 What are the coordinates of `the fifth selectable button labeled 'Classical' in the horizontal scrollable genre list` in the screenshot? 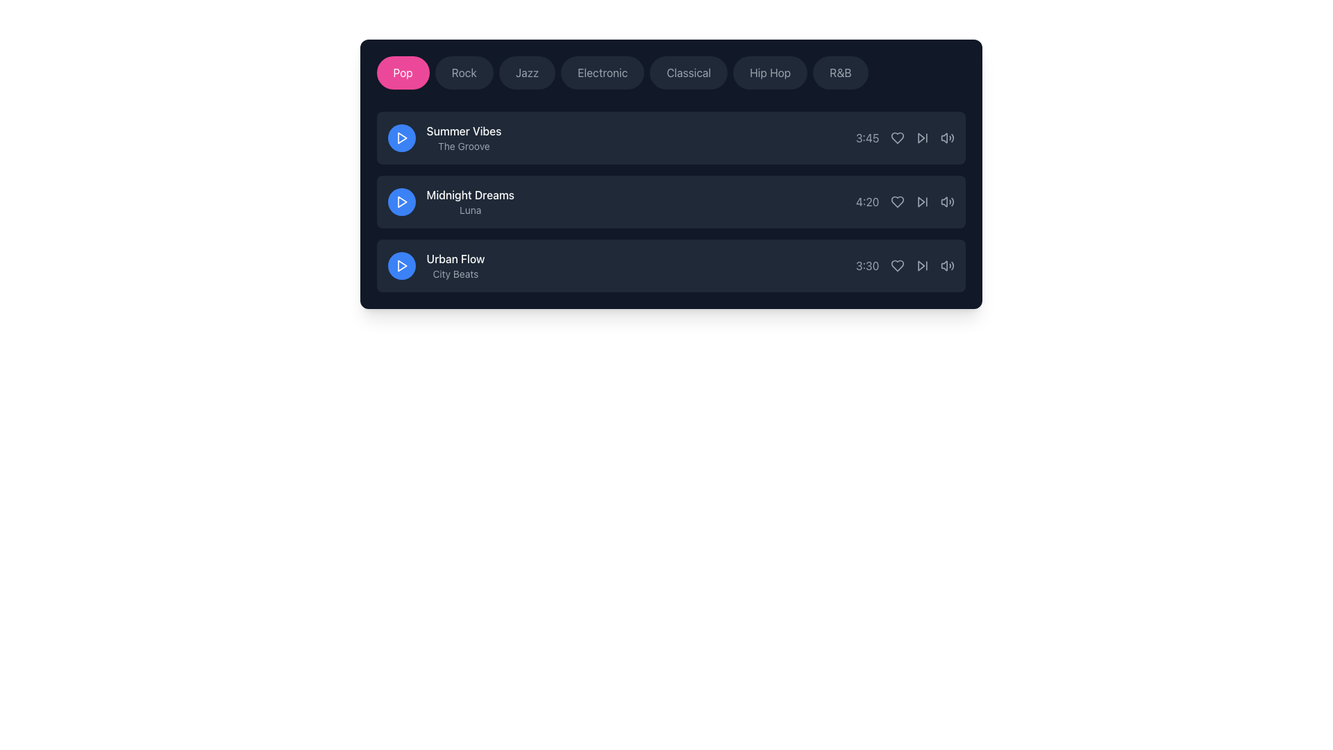 It's located at (671, 72).